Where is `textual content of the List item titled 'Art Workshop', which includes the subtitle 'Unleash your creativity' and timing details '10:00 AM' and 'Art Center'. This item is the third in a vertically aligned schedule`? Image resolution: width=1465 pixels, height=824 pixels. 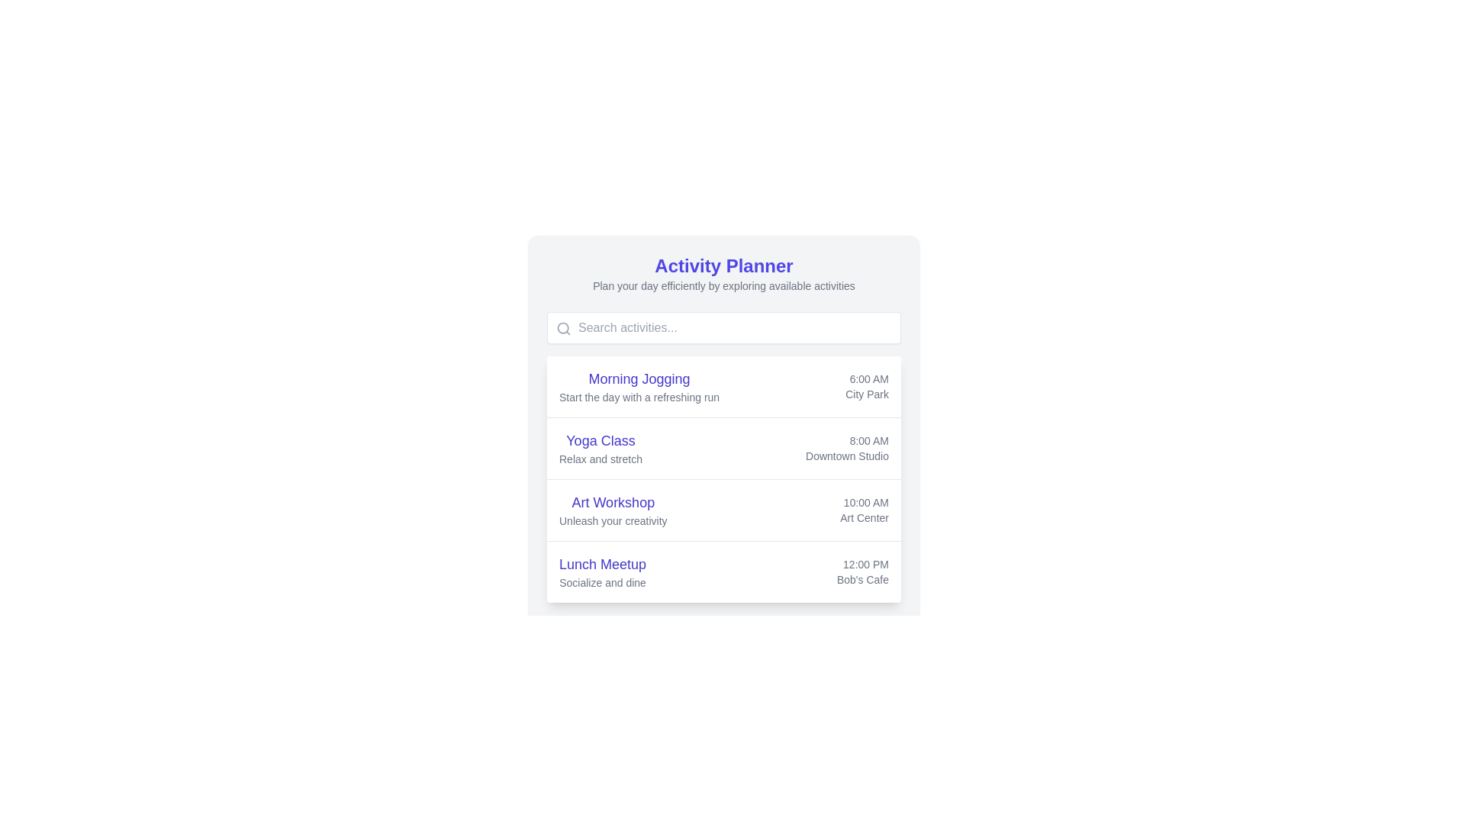 textual content of the List item titled 'Art Workshop', which includes the subtitle 'Unleash your creativity' and timing details '10:00 AM' and 'Art Center'. This item is the third in a vertically aligned schedule is located at coordinates (723, 510).